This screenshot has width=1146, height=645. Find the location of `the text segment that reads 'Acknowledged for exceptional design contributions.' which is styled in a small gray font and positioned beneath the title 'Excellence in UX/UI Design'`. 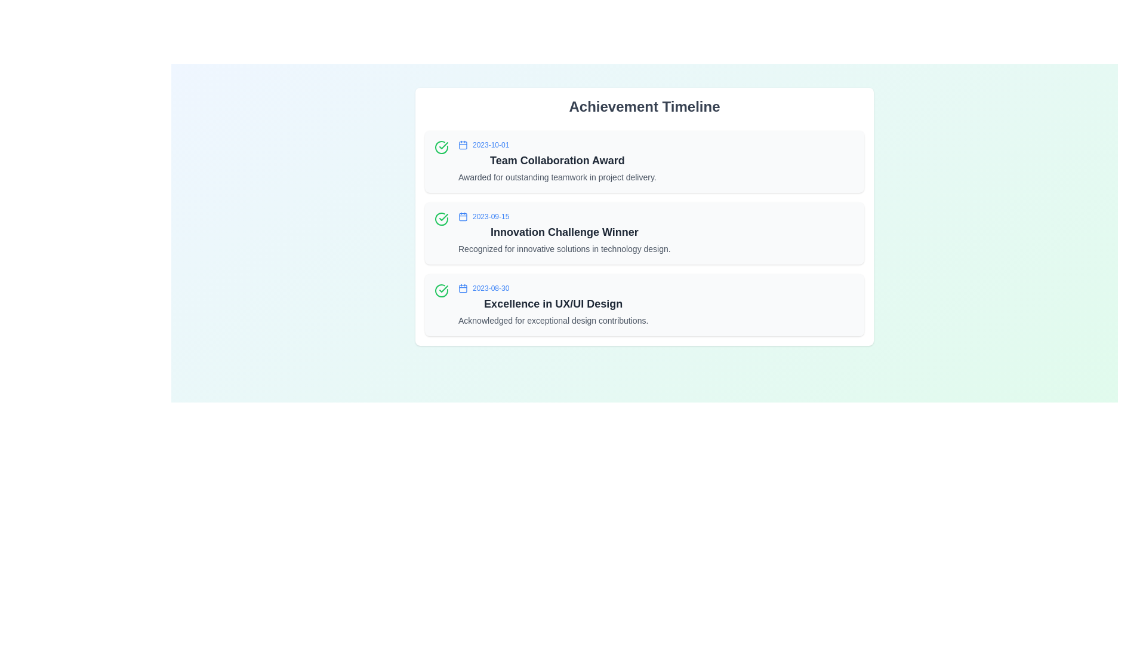

the text segment that reads 'Acknowledged for exceptional design contributions.' which is styled in a small gray font and positioned beneath the title 'Excellence in UX/UI Design' is located at coordinates (553, 320).